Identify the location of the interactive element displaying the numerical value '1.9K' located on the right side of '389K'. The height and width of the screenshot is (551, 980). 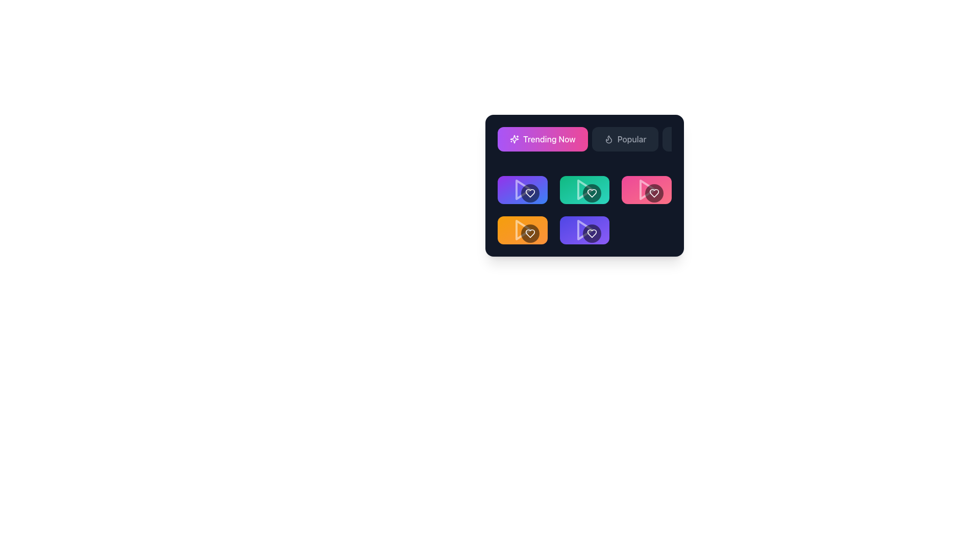
(617, 225).